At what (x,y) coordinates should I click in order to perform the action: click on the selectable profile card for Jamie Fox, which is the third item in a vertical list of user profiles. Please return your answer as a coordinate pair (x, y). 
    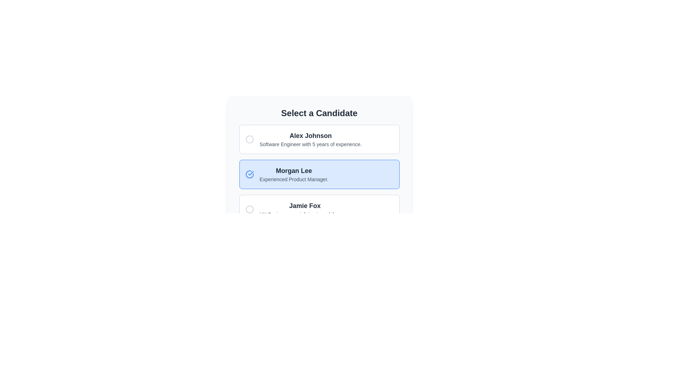
    Looking at the image, I should click on (319, 209).